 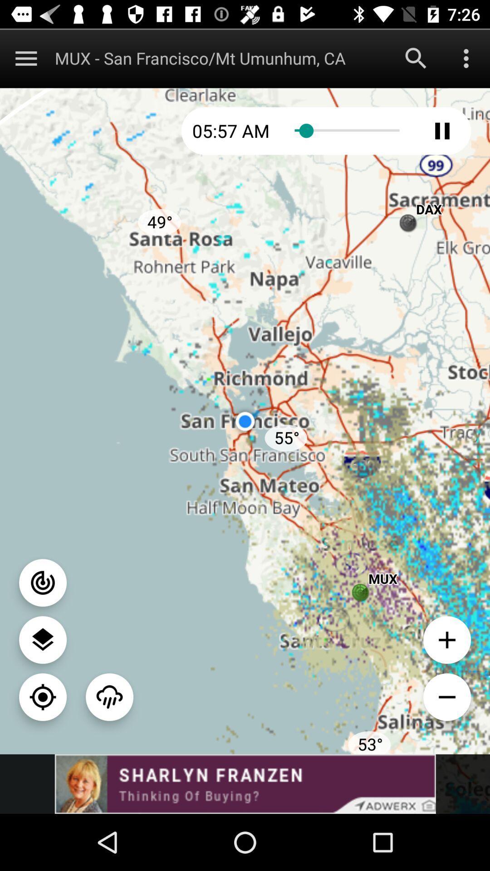 What do you see at coordinates (43, 696) in the screenshot?
I see `map button` at bounding box center [43, 696].